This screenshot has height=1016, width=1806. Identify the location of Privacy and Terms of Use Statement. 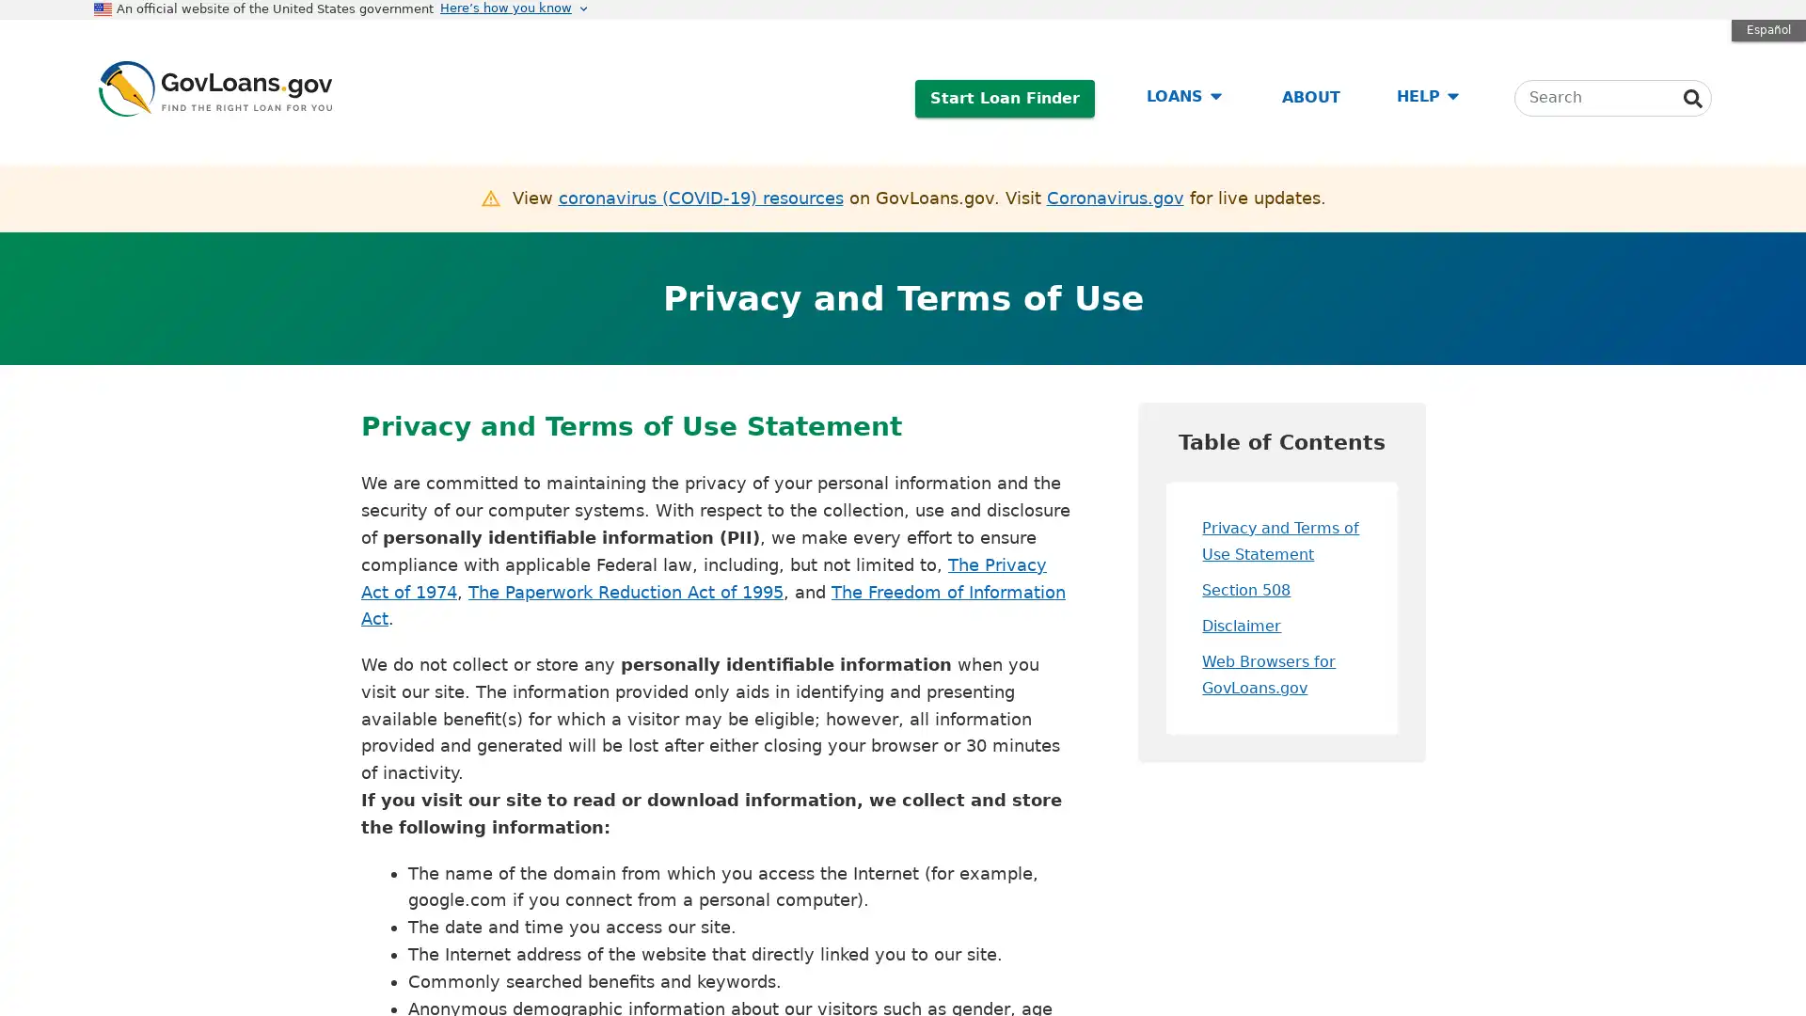
(1280, 541).